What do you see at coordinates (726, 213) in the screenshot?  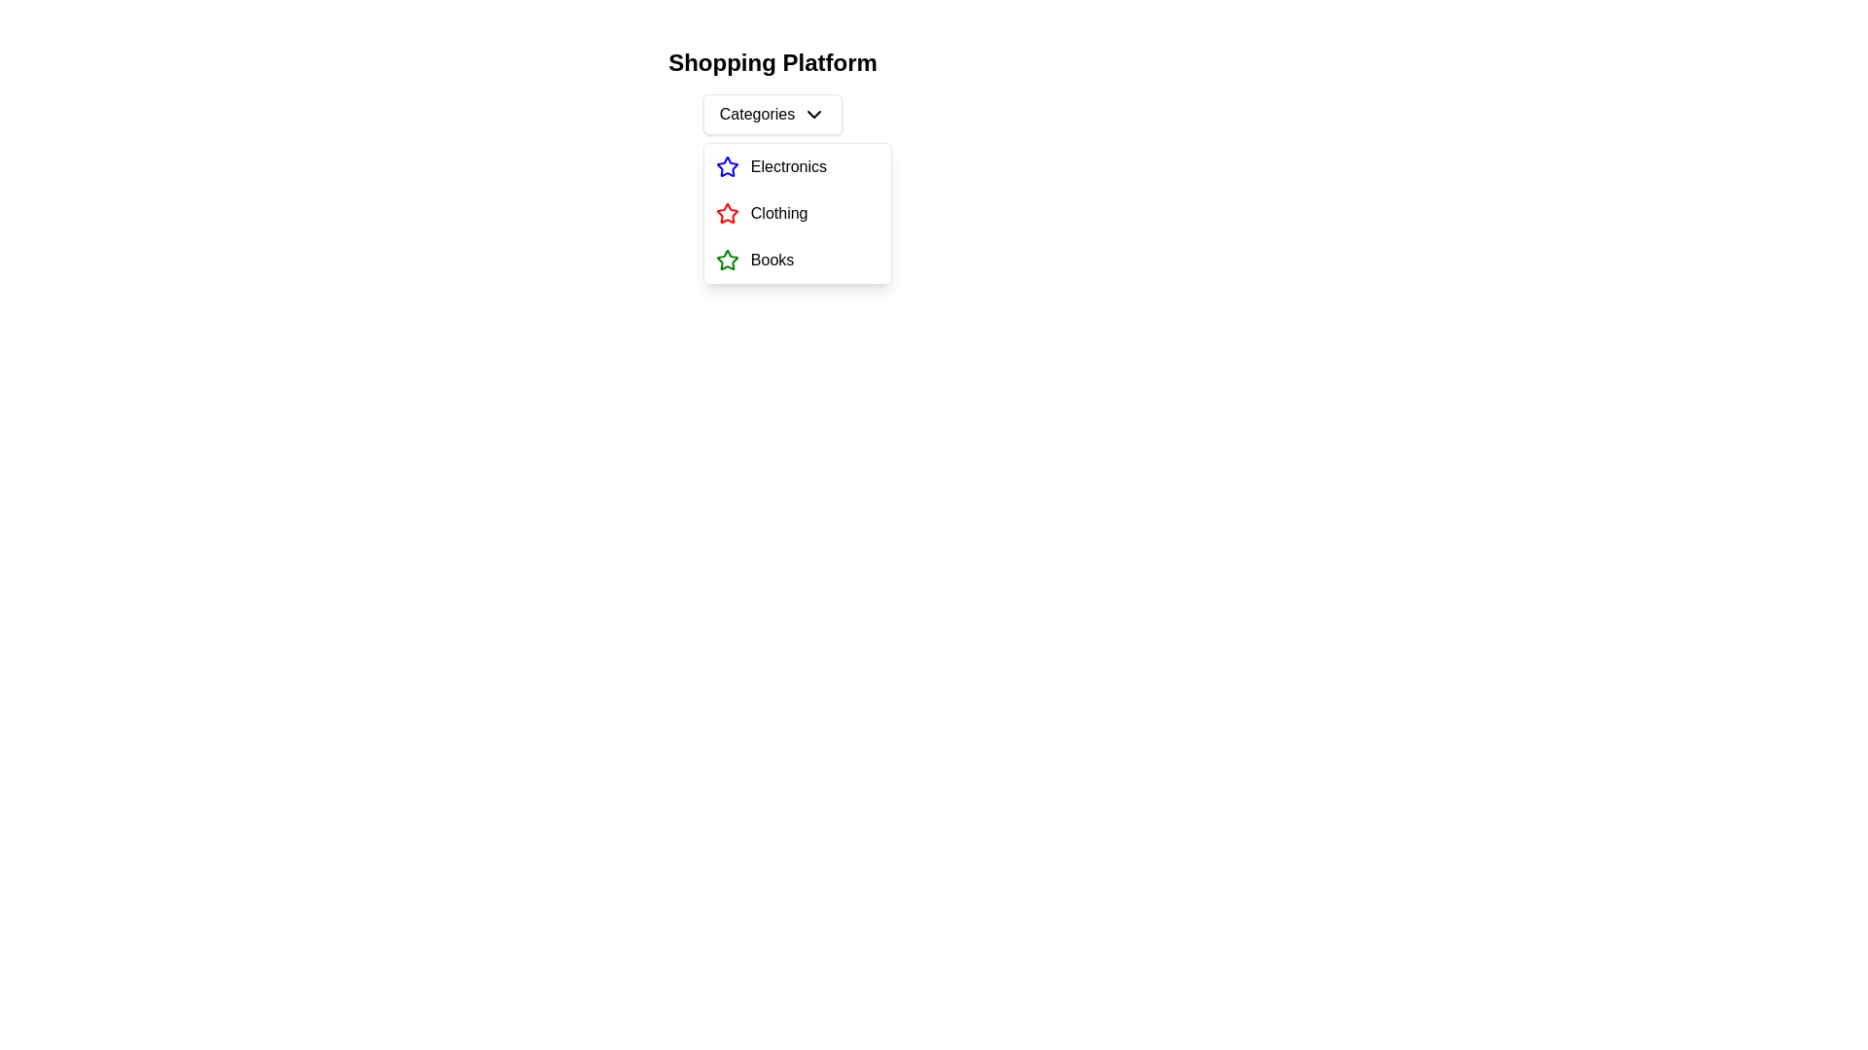 I see `the red star-shaped icon outlined with a distinct stroke, which is the second menu entry labeled 'Clothing' in the dropdown menu under 'Categories' on the 'Shopping Platform'` at bounding box center [726, 213].